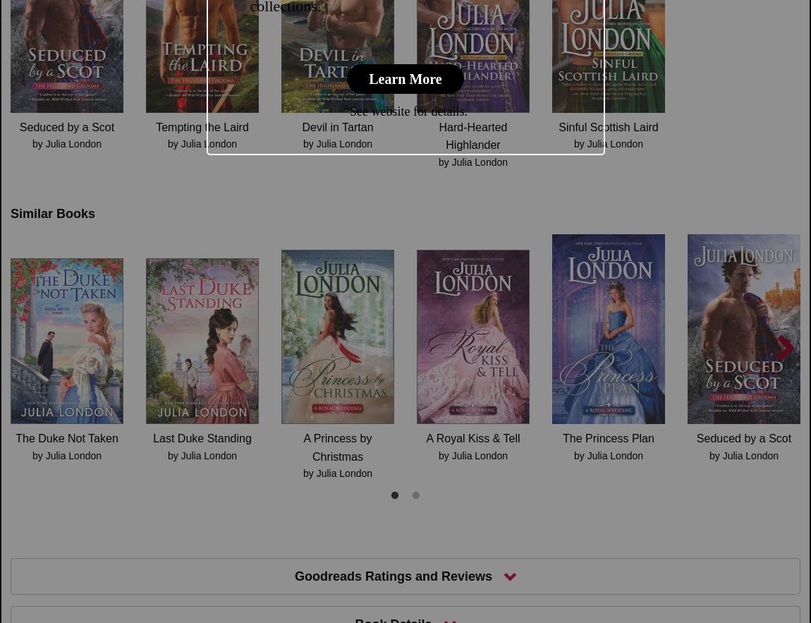 Image resolution: width=811 pixels, height=623 pixels. What do you see at coordinates (393, 574) in the screenshot?
I see `'Goodreads Ratings and Reviews'` at bounding box center [393, 574].